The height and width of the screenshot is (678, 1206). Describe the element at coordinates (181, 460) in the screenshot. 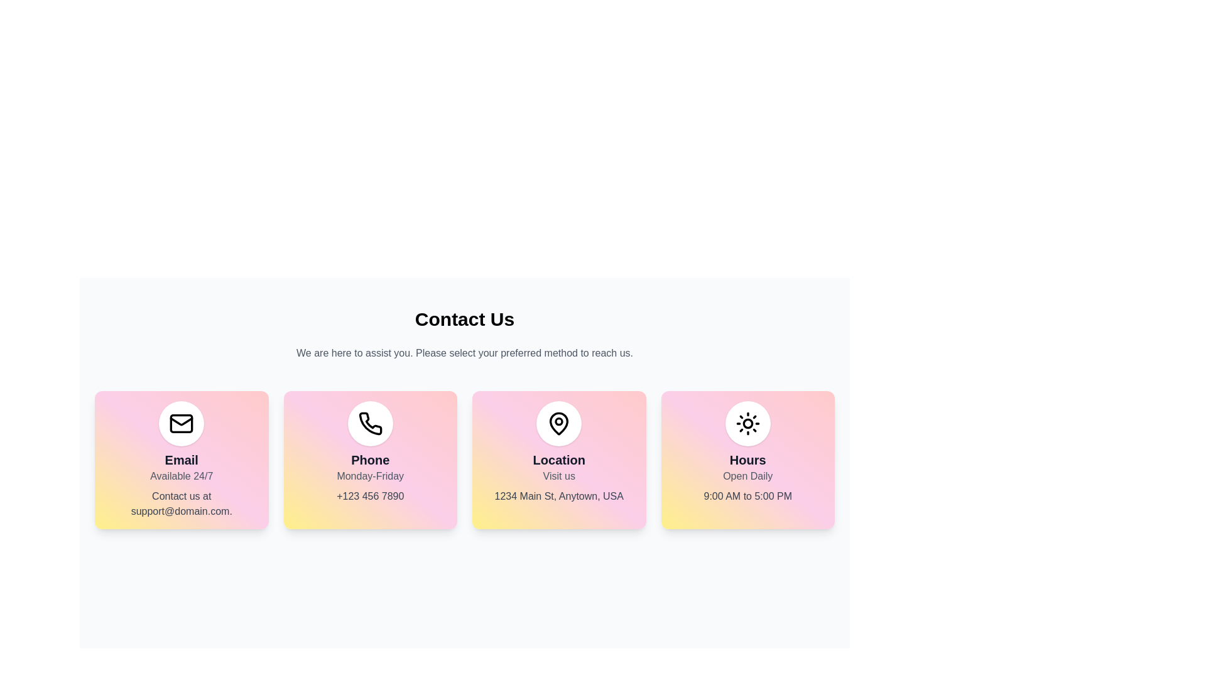

I see `the 'Email' label displayed in bold, extra-large font within the pastel gradient card, located in the first card on the left` at that location.